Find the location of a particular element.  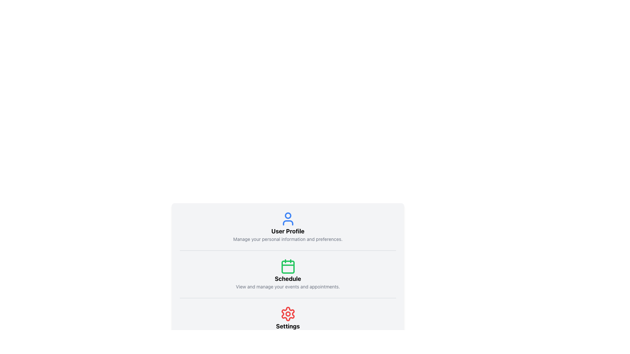

the circular user icon with a blue outline and white fill, positioned above the 'User Profile' text is located at coordinates (288, 216).